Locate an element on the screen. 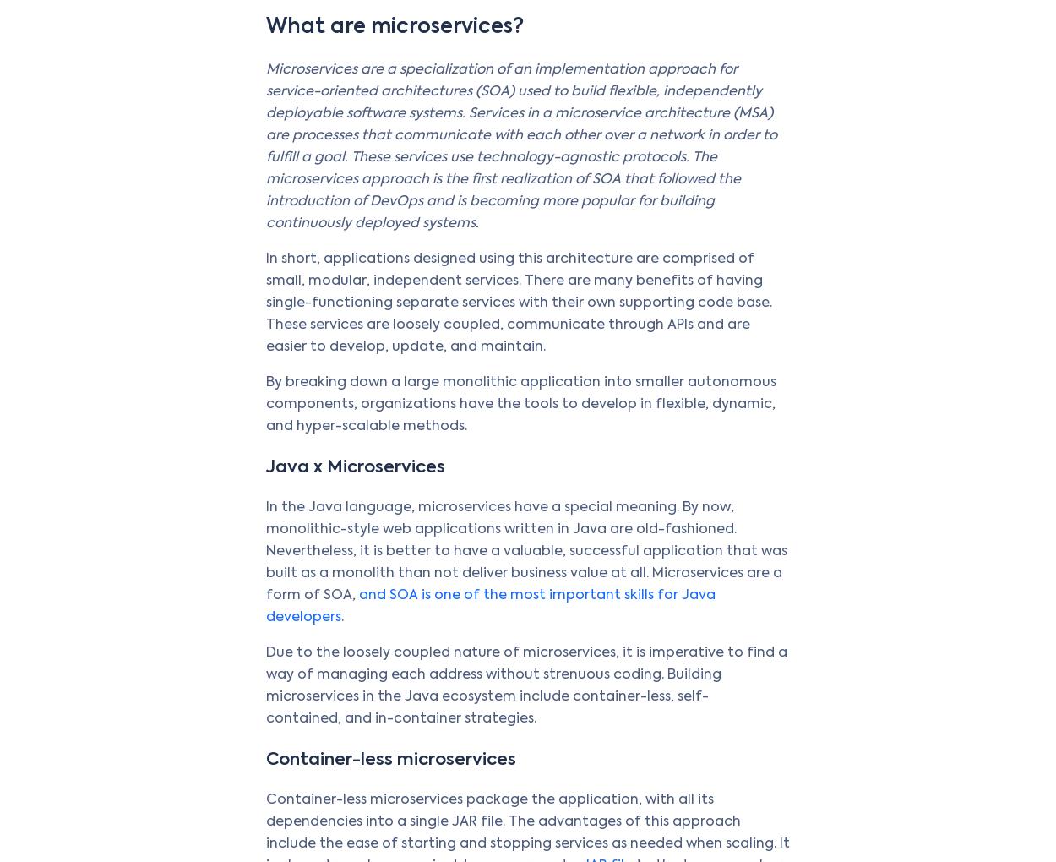 This screenshot has width=1056, height=862. 'Enterprise Architecture Management (EAM)' is located at coordinates (367, 433).